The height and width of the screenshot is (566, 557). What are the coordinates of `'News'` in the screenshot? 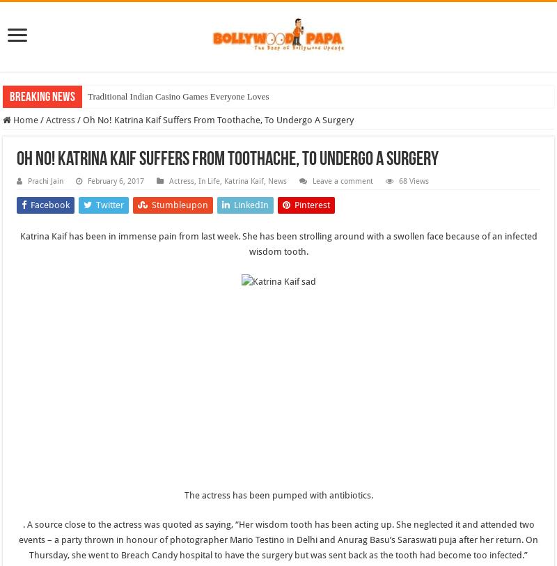 It's located at (267, 180).